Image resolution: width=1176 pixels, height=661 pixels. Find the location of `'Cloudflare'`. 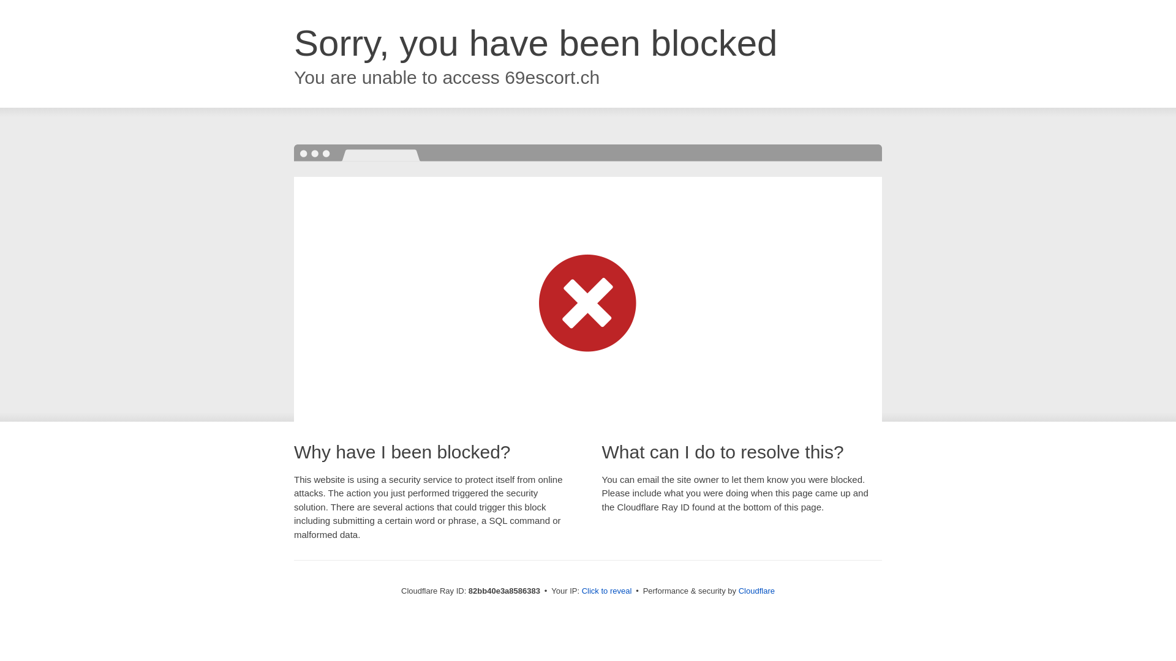

'Cloudflare' is located at coordinates (756, 590).